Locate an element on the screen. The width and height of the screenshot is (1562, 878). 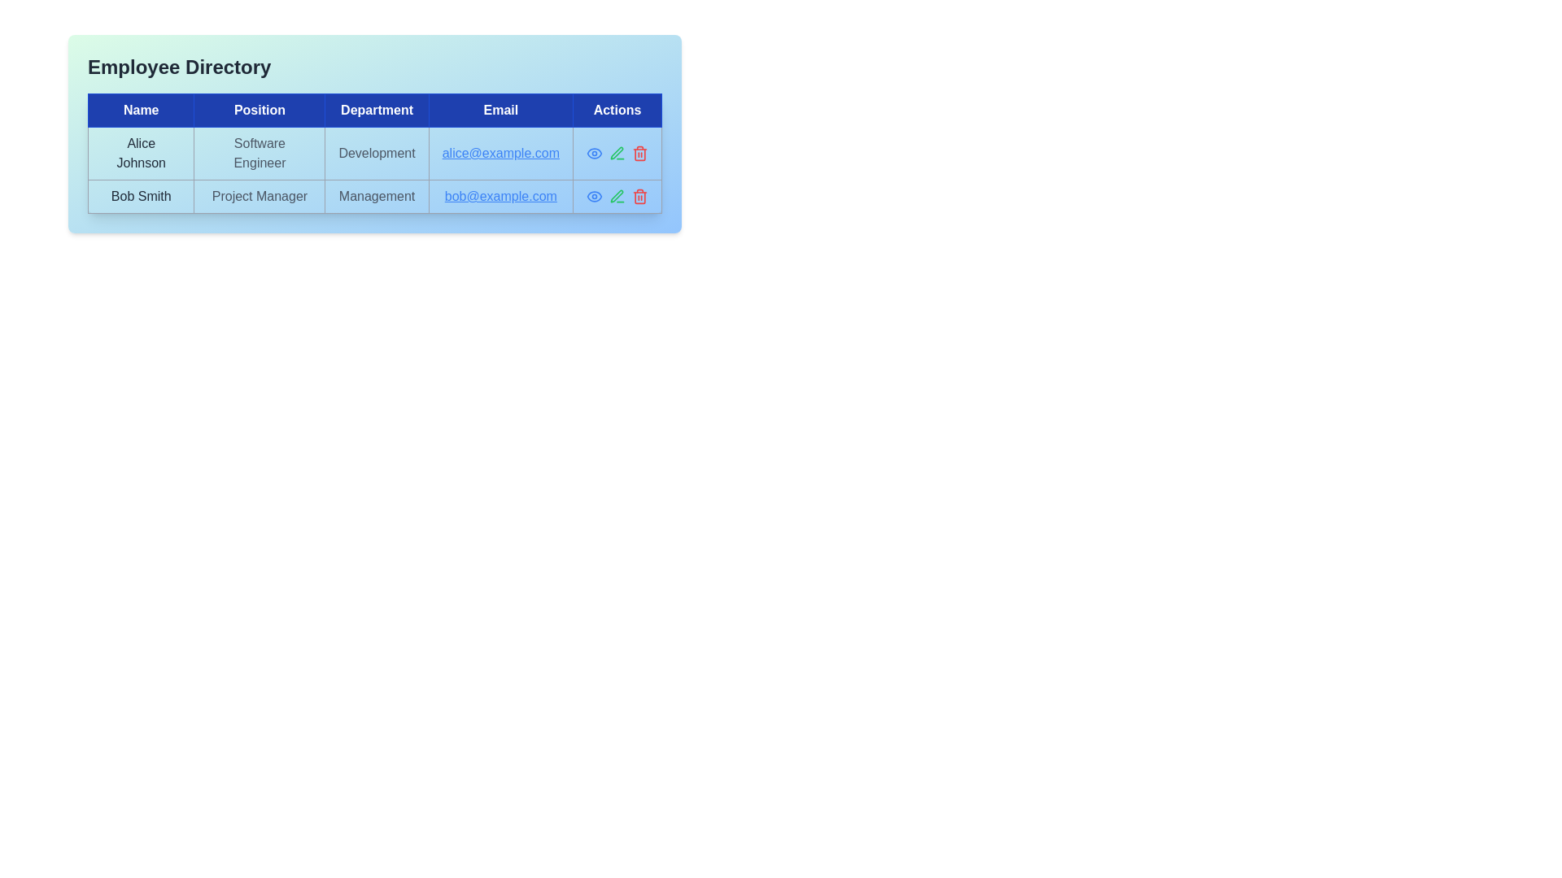
the small green pen-shaped icon located in the 'Actions' column of the second row of the table is located at coordinates (616, 153).